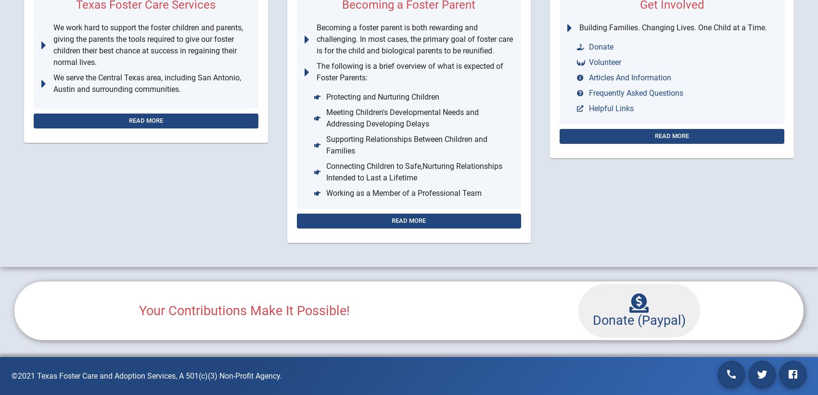 The height and width of the screenshot is (395, 818). Describe the element at coordinates (403, 192) in the screenshot. I see `'Working as a Member of a Professional Team'` at that location.